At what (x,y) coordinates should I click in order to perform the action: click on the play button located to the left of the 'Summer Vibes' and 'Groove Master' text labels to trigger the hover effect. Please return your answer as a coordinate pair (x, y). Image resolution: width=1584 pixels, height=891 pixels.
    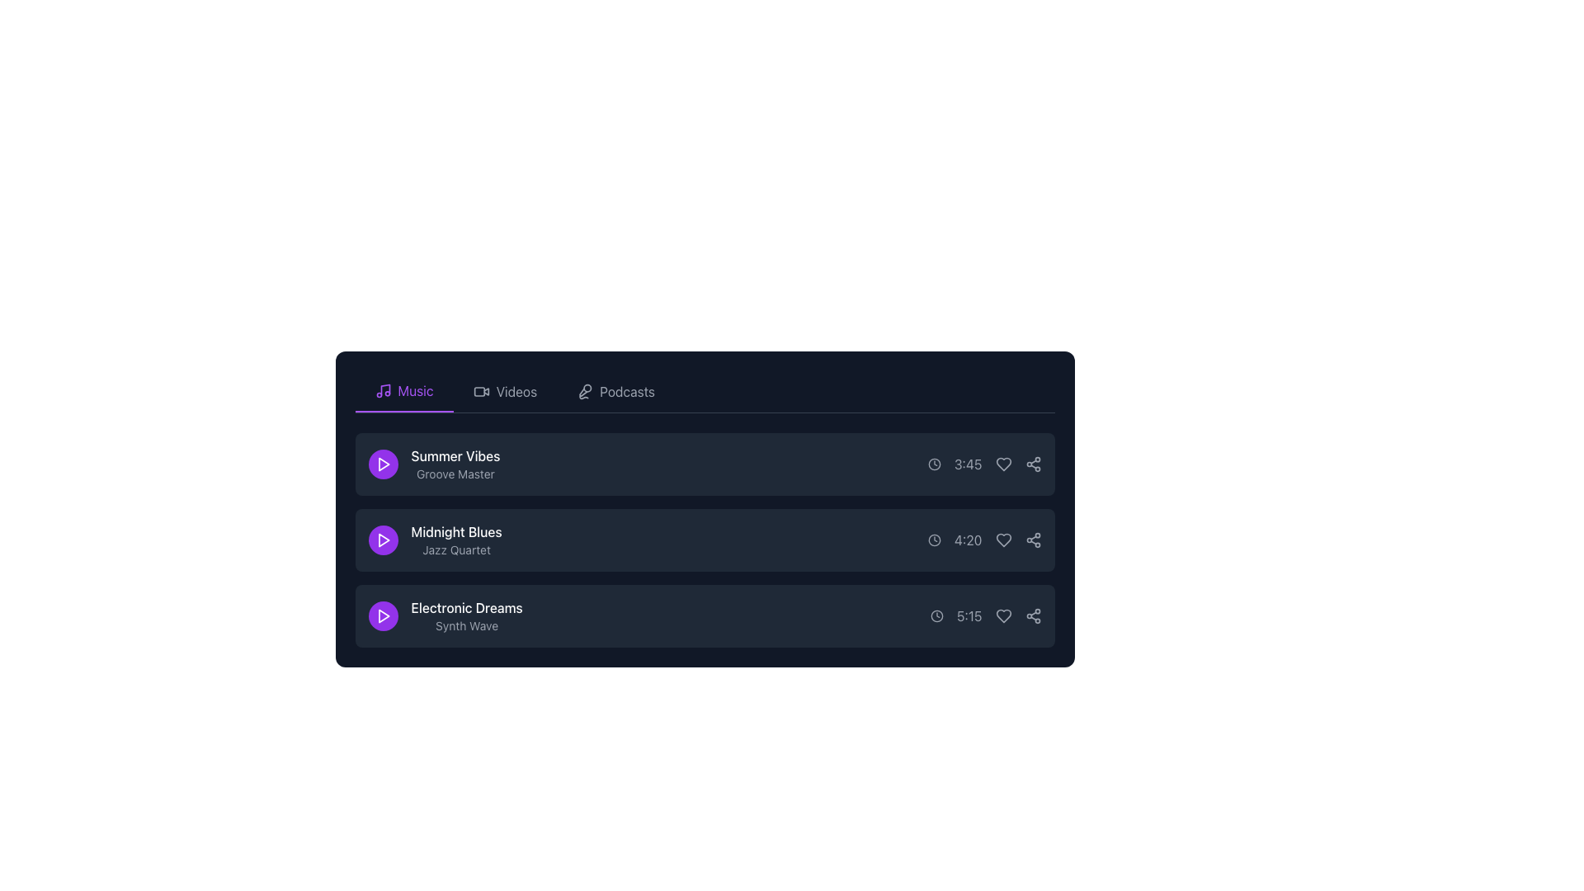
    Looking at the image, I should click on (382, 464).